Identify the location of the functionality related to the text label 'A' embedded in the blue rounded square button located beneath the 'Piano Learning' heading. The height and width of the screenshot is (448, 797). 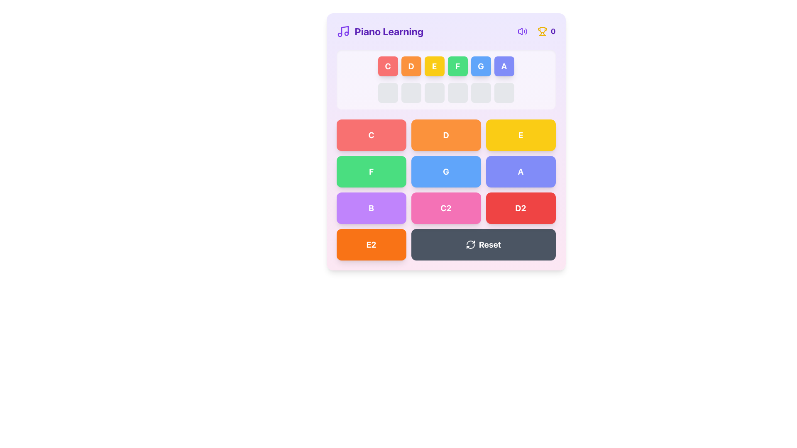
(504, 66).